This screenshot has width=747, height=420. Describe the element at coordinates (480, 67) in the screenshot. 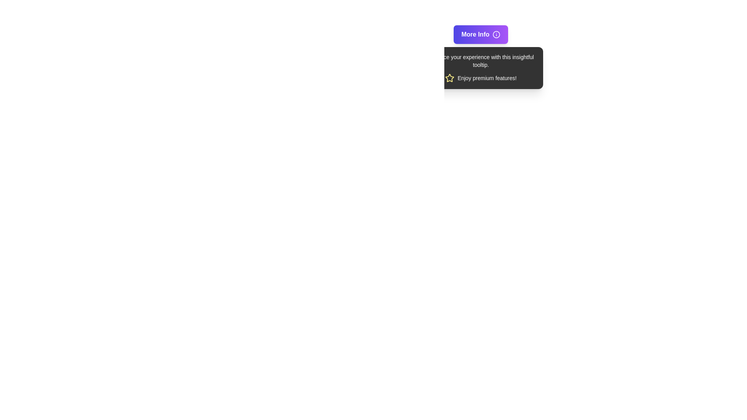

I see `the black tooltip with a semi-transparent background, white text, and a yellow star icon, positioned below the purple 'More Info' button` at that location.